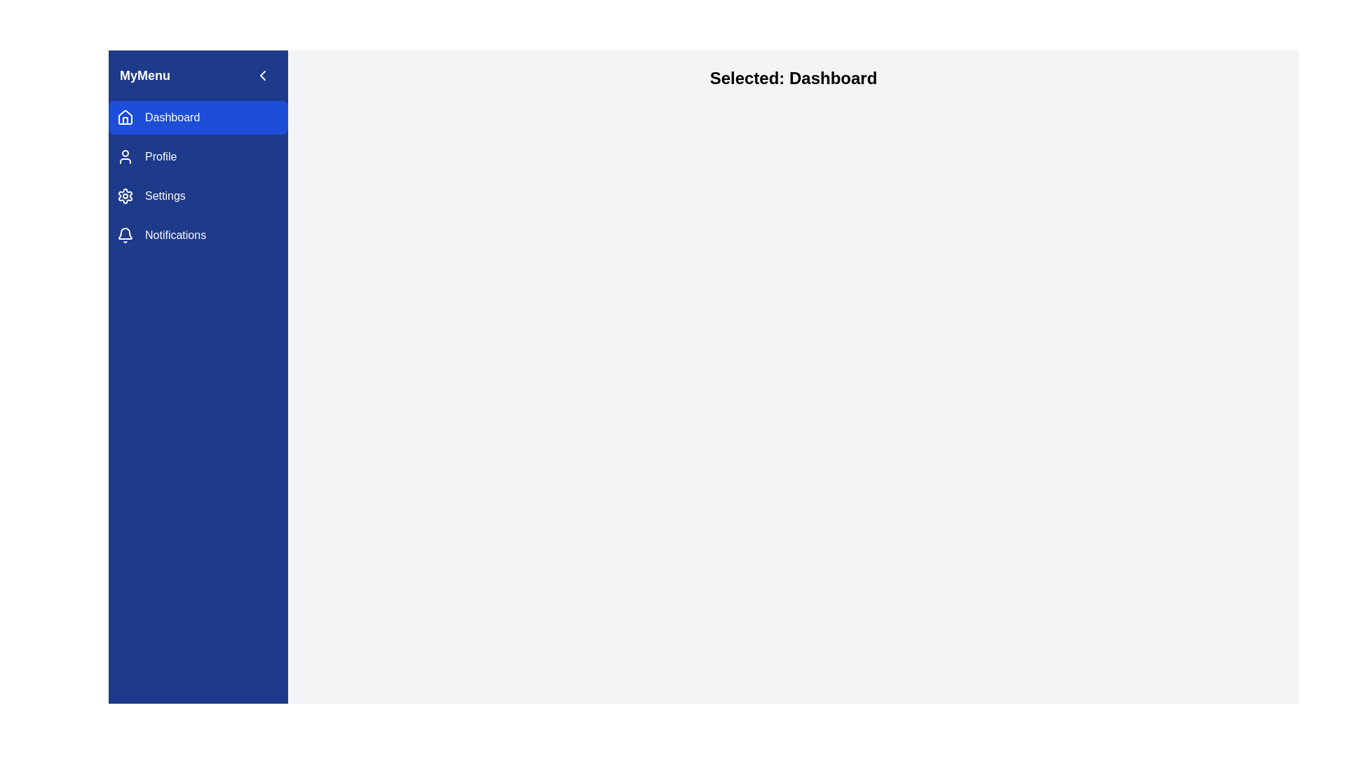 The image size is (1346, 757). What do you see at coordinates (262, 76) in the screenshot?
I see `the leftward-pointing chevron icon button, located near the top-right corner of the vertical sidebar menu, to trigger a tooltip or visual feedback` at bounding box center [262, 76].